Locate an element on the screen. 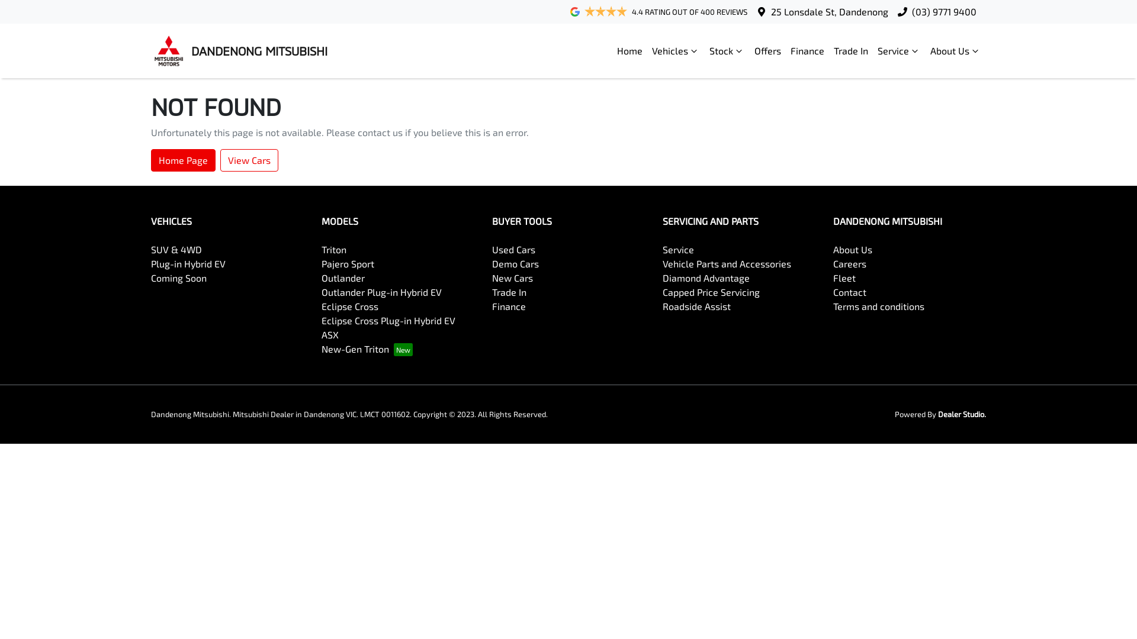  'Eclipse Cross Plug-in Hybrid EV' is located at coordinates (388, 320).